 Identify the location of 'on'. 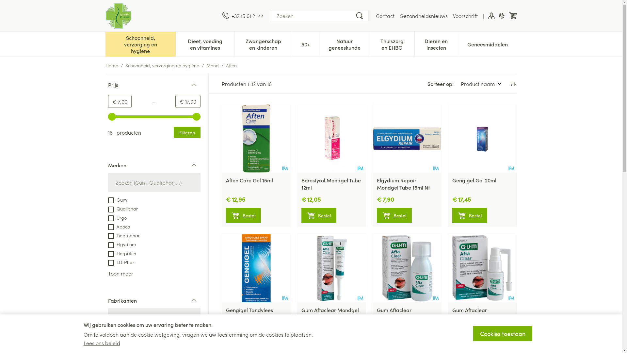
(108, 227).